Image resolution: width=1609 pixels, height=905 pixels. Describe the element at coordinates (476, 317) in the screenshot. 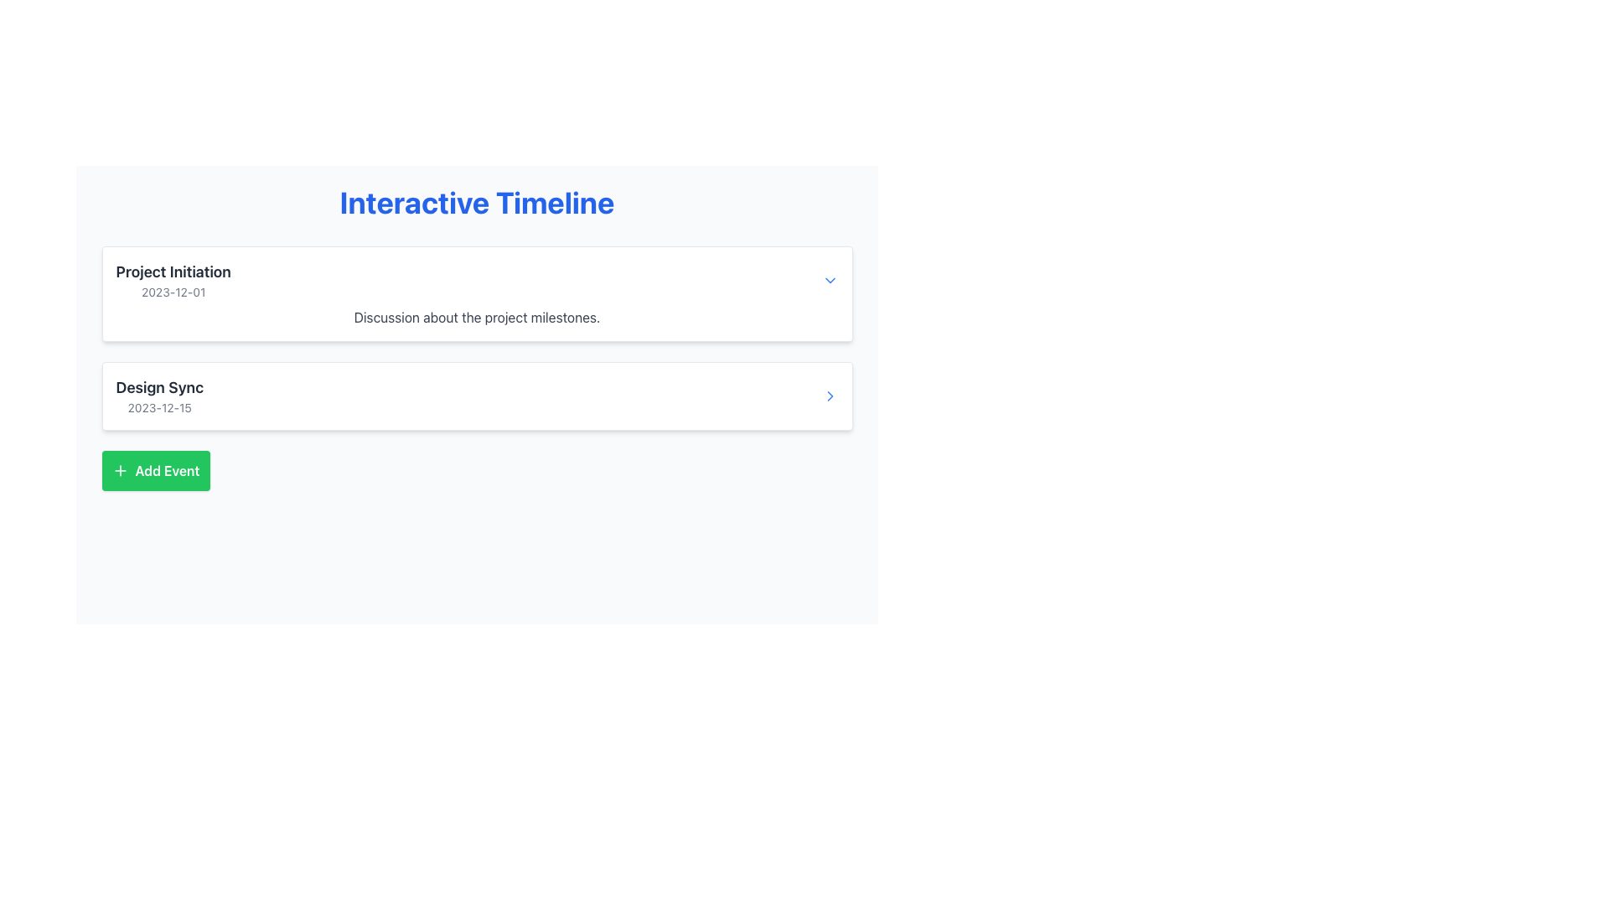

I see `the informational Text Label located within the 'Project Initiation 2023-12-01' card interface, positioned directly below the title and date text` at that location.